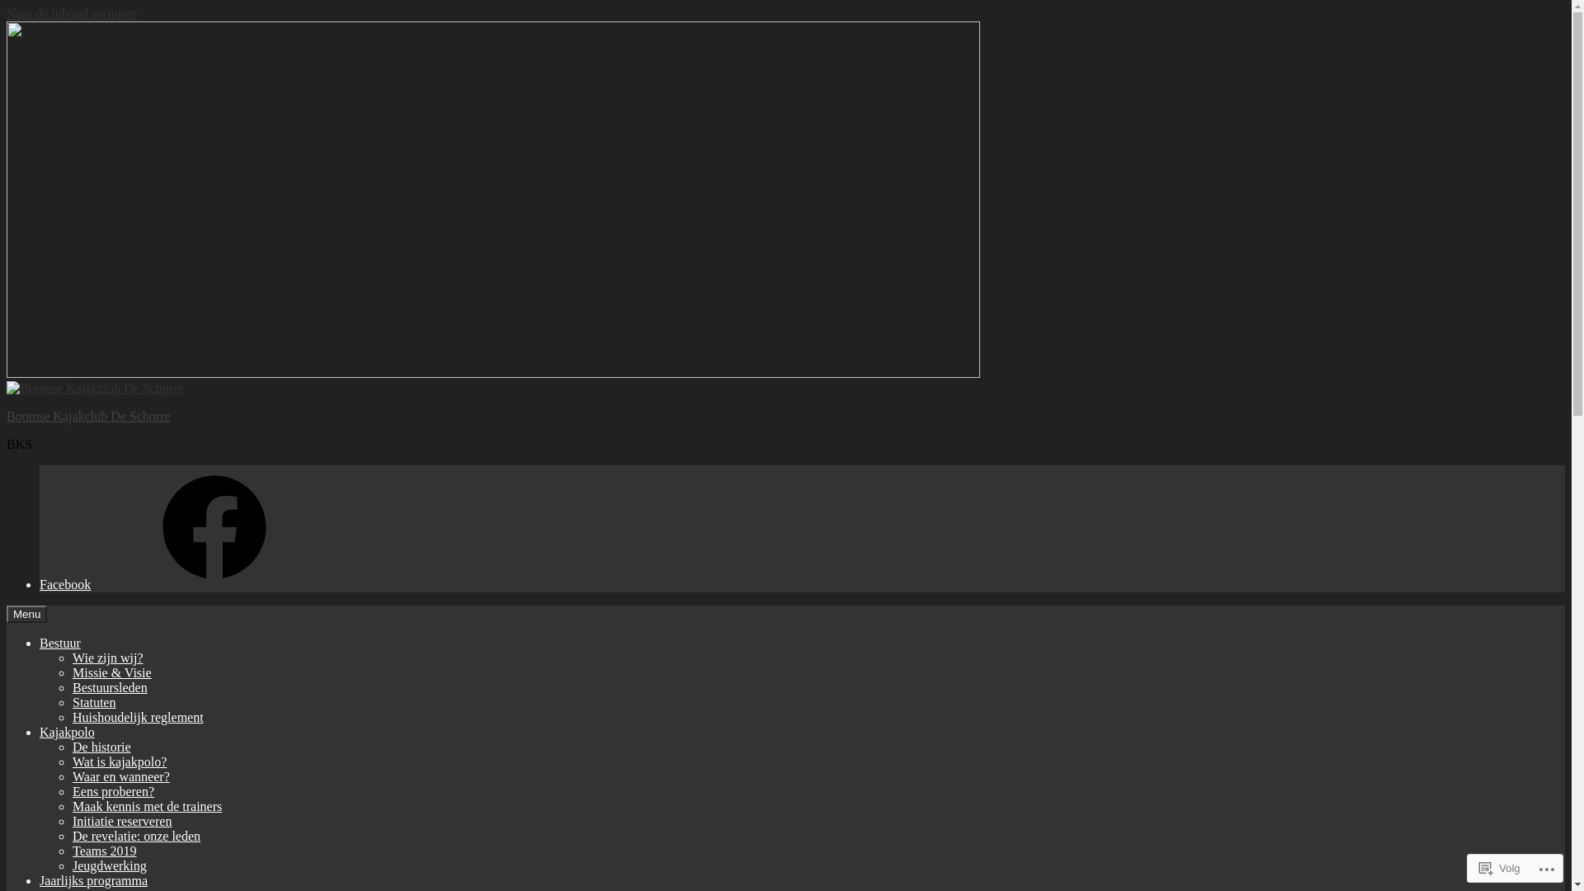 Image resolution: width=1584 pixels, height=891 pixels. What do you see at coordinates (1499, 867) in the screenshot?
I see `'Volg'` at bounding box center [1499, 867].